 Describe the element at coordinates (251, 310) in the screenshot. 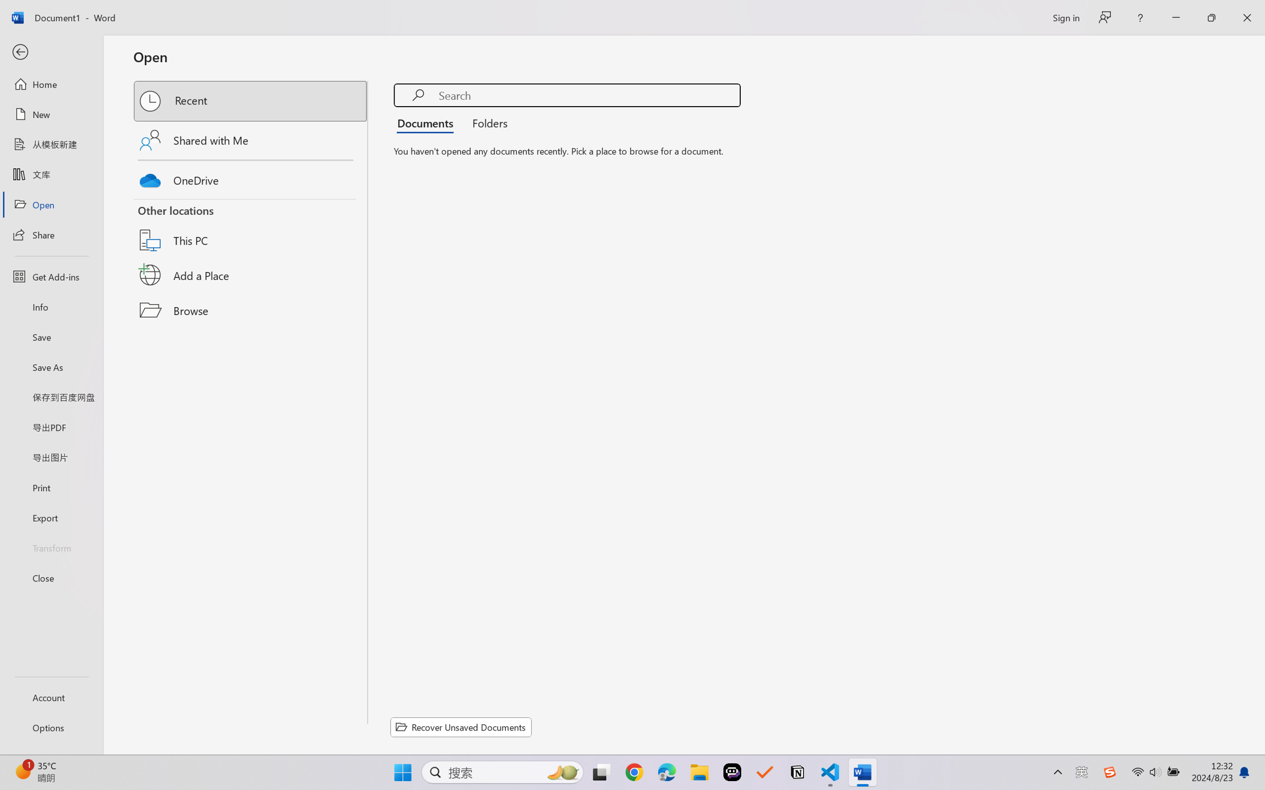

I see `'Browse'` at that location.